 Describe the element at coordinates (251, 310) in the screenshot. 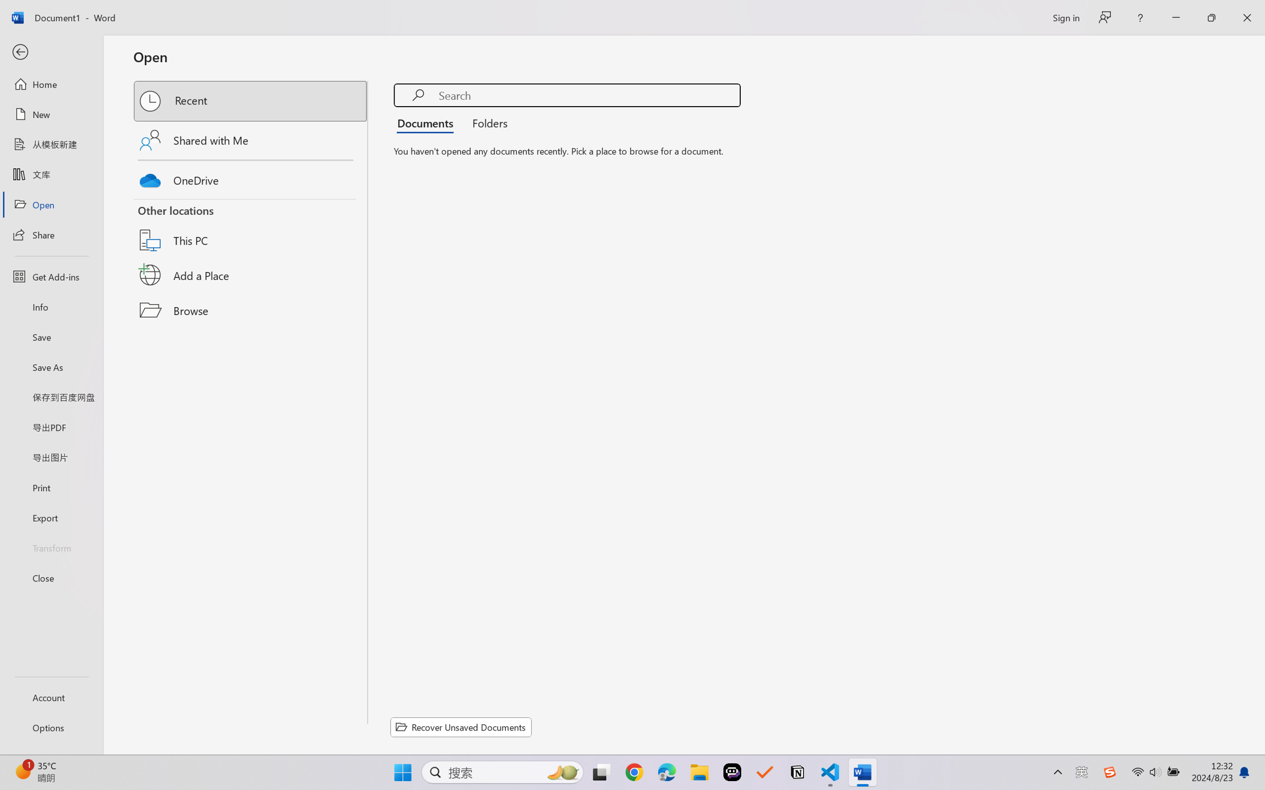

I see `'Browse'` at that location.